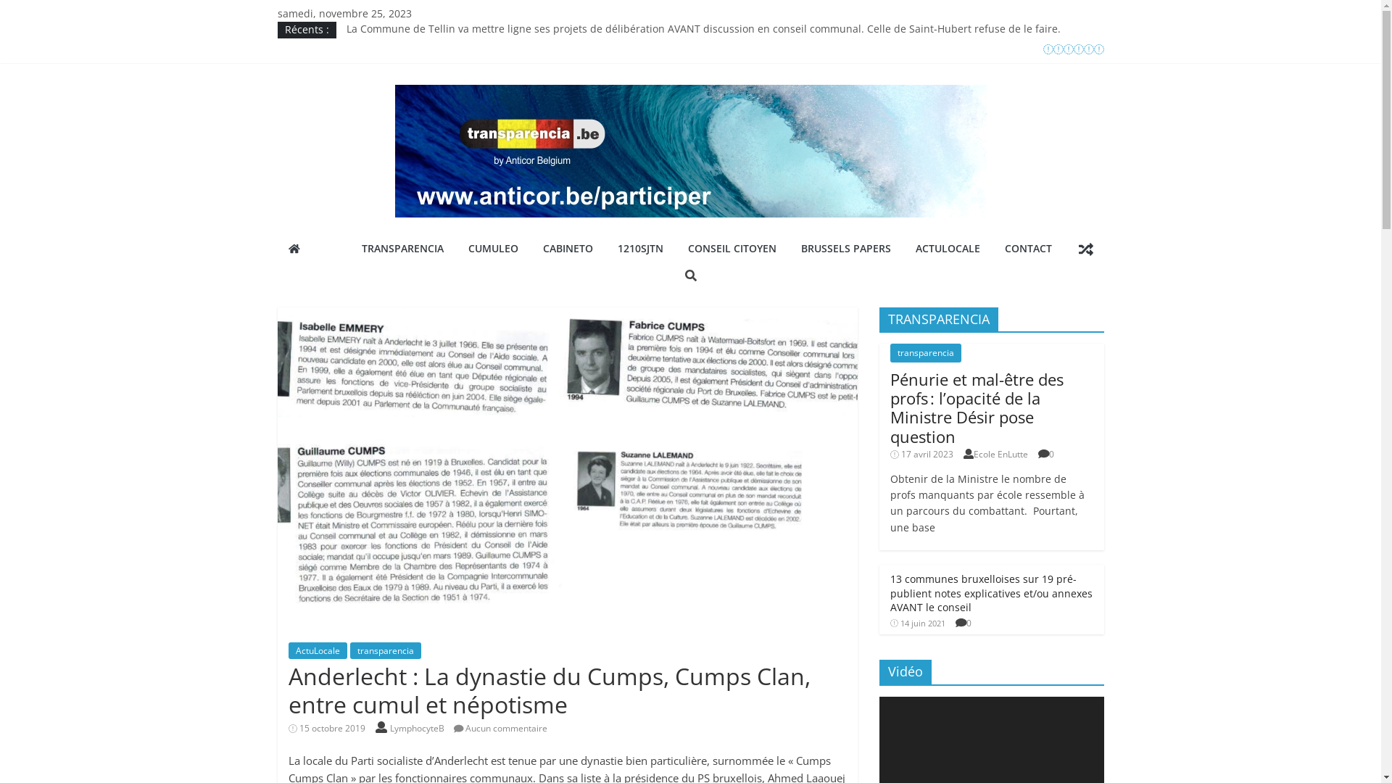 The width and height of the screenshot is (1392, 783). Describe the element at coordinates (326, 728) in the screenshot. I see `'15 octobre 2019'` at that location.